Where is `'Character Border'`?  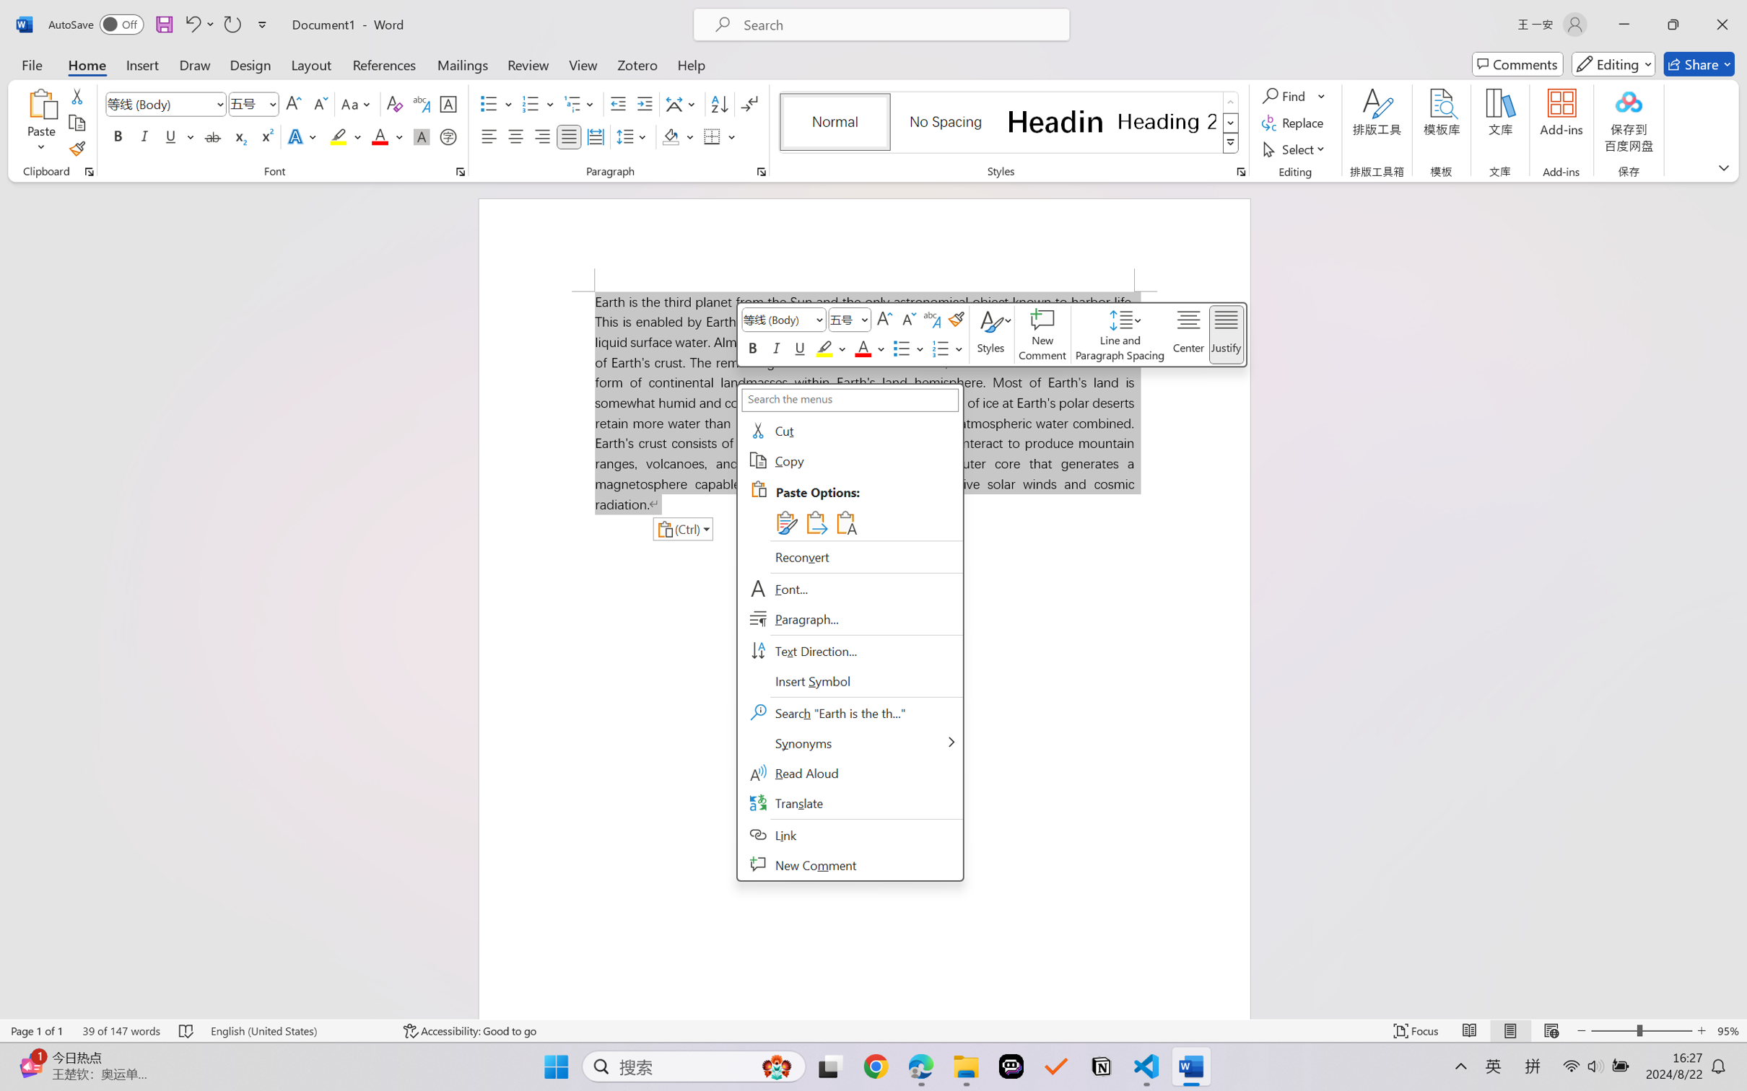
'Character Border' is located at coordinates (448, 104).